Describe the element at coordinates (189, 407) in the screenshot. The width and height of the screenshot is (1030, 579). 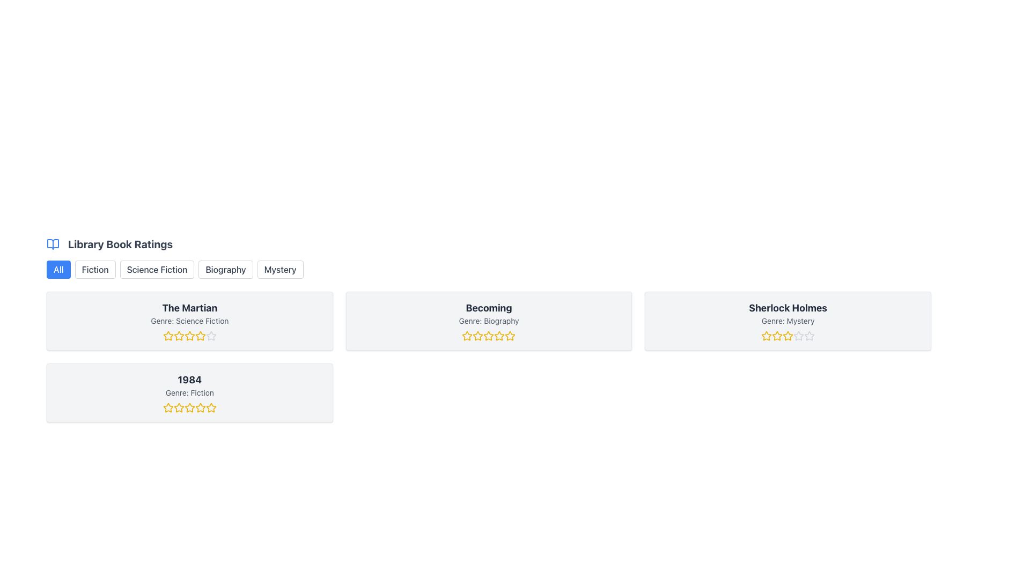
I see `the third yellow outlined star icon in the 5-star rating system under the book title '1984' to rate` at that location.